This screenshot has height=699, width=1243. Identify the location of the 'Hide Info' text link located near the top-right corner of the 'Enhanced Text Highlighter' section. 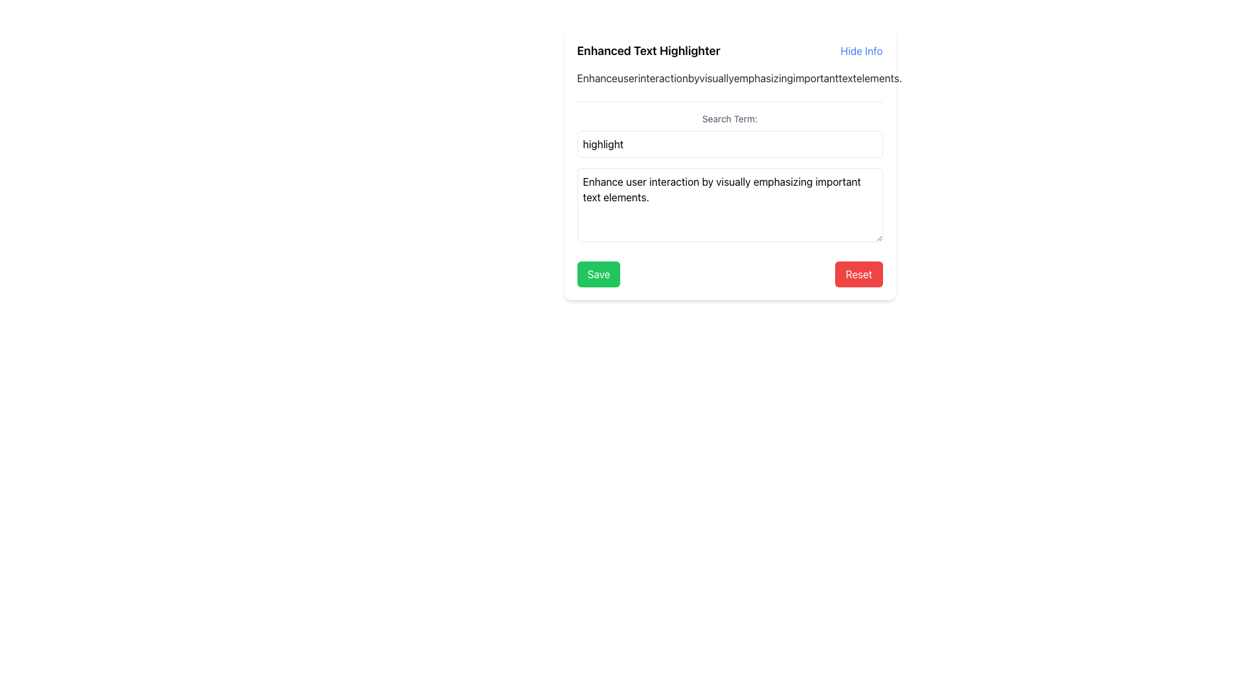
(861, 50).